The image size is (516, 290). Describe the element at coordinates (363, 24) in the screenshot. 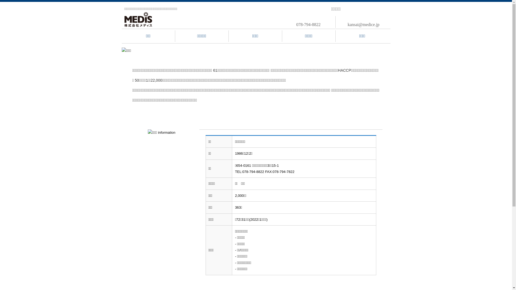

I see `'kansai@medice.jp'` at that location.